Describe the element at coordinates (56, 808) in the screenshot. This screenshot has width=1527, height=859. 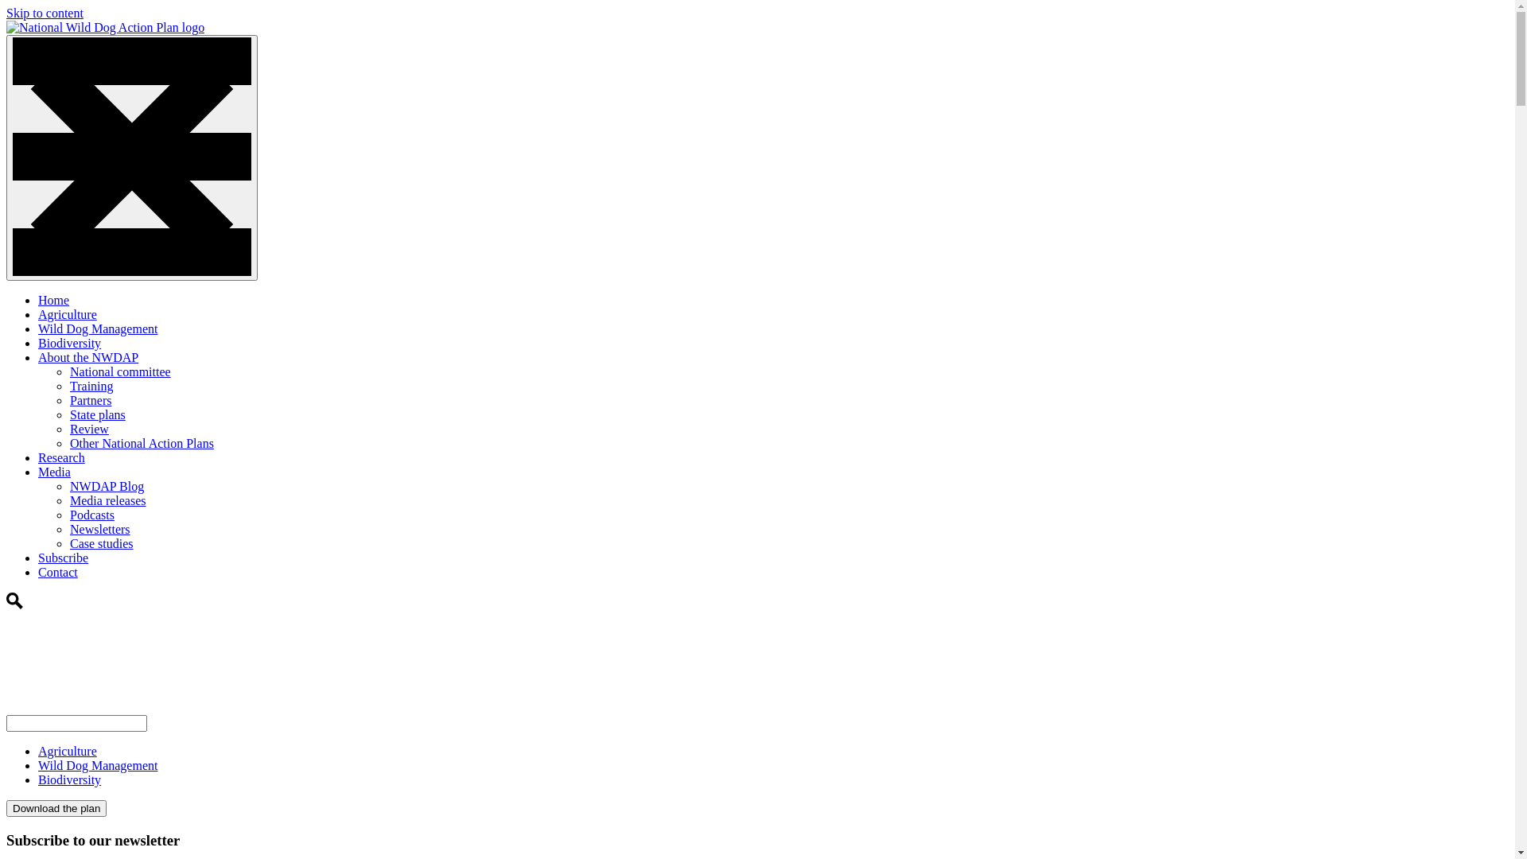
I see `'Download the plan'` at that location.